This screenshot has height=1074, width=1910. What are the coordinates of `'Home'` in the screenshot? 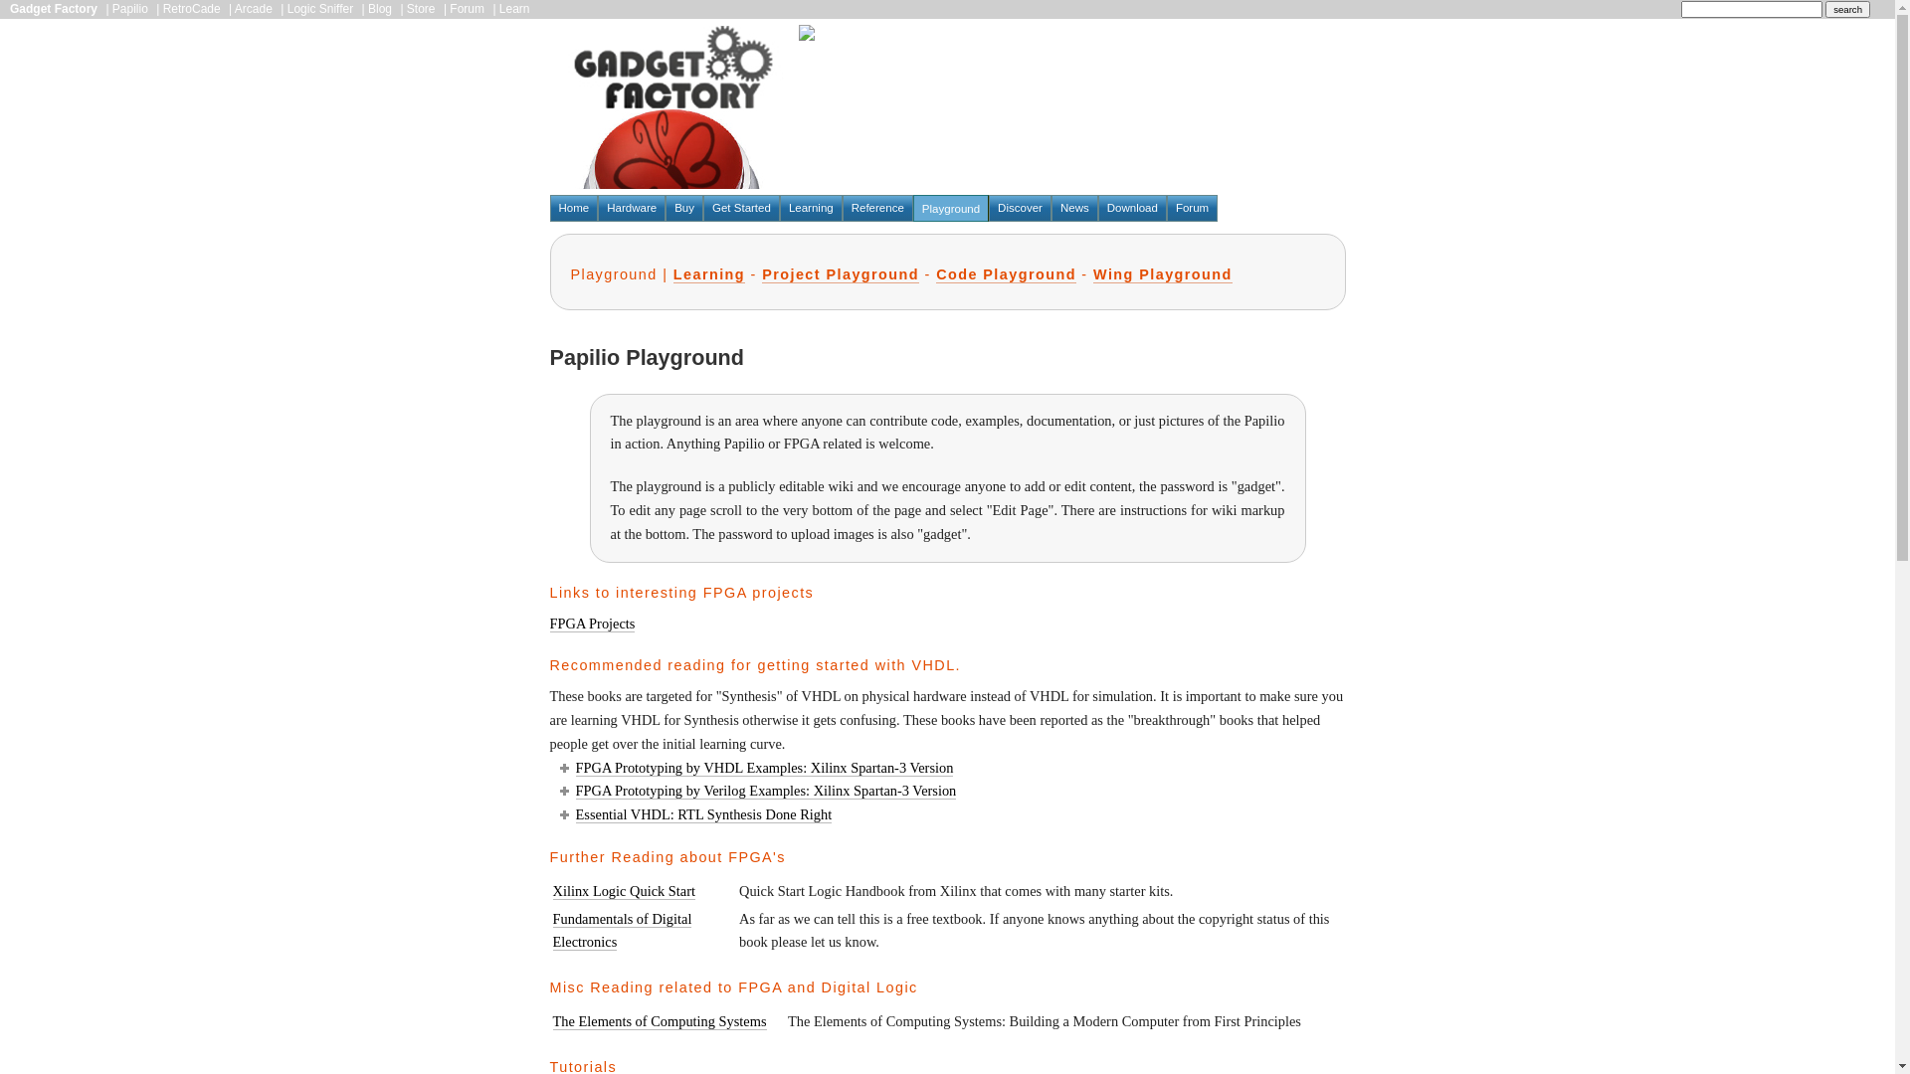 It's located at (572, 208).